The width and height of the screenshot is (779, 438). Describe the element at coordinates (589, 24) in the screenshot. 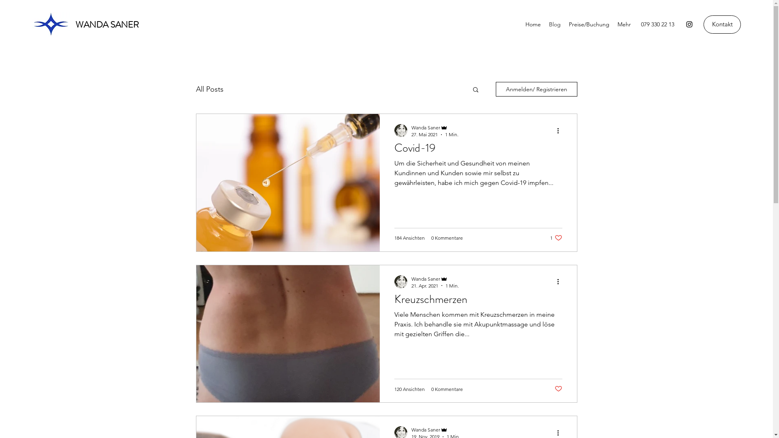

I see `'Preise/Buchung'` at that location.